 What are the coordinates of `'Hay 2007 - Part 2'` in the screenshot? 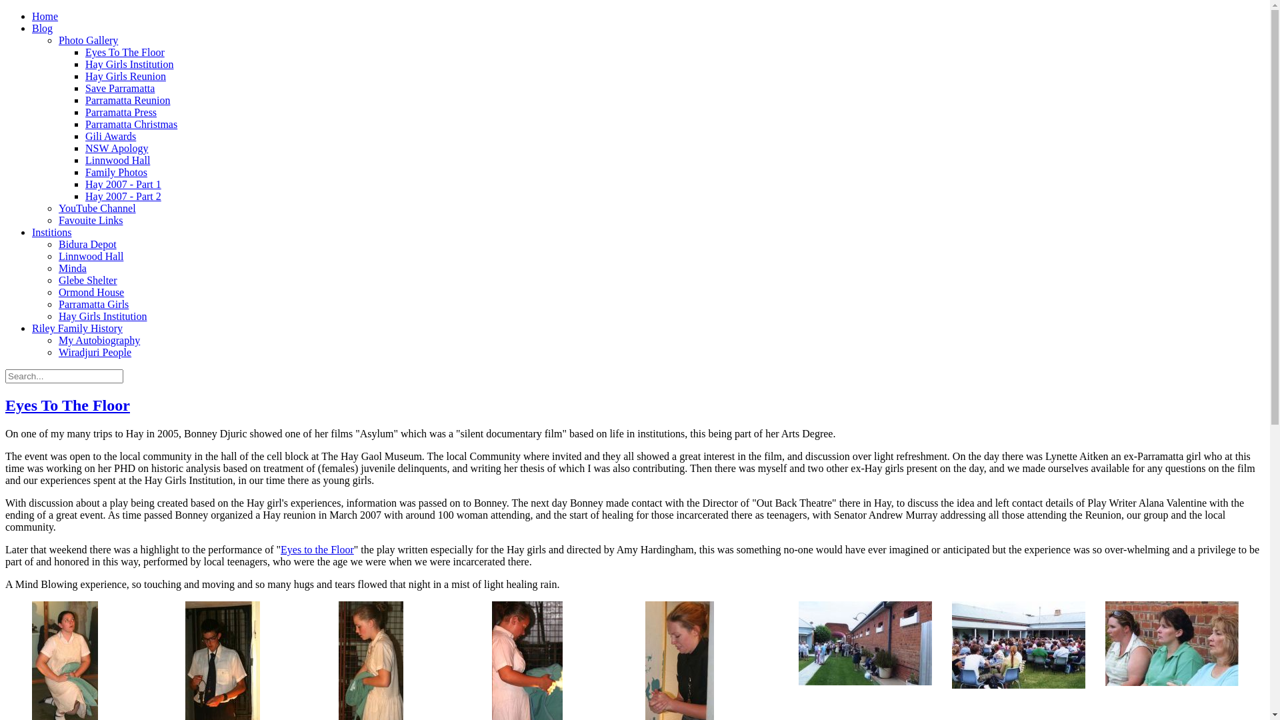 It's located at (123, 196).